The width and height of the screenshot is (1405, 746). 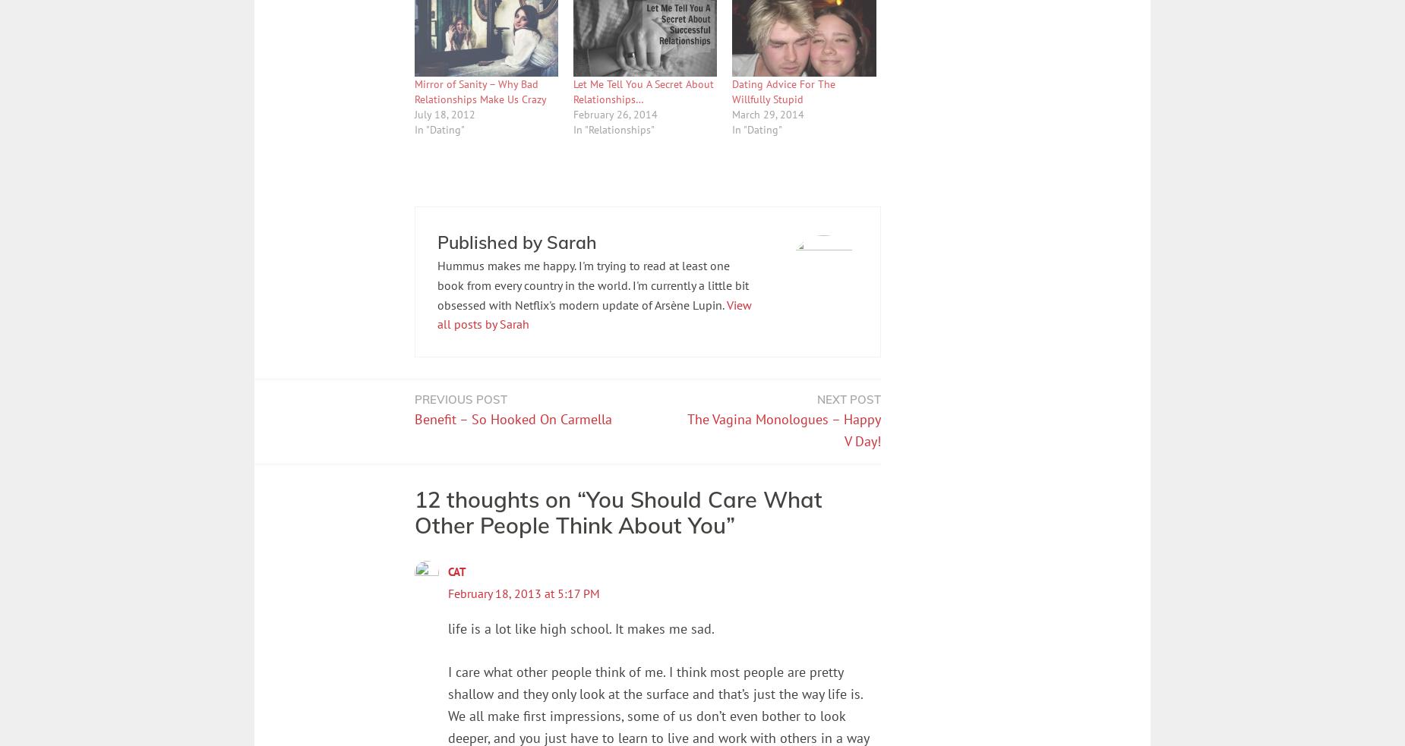 What do you see at coordinates (447, 591) in the screenshot?
I see `'February 18, 2013 at 5:17 PM'` at bounding box center [447, 591].